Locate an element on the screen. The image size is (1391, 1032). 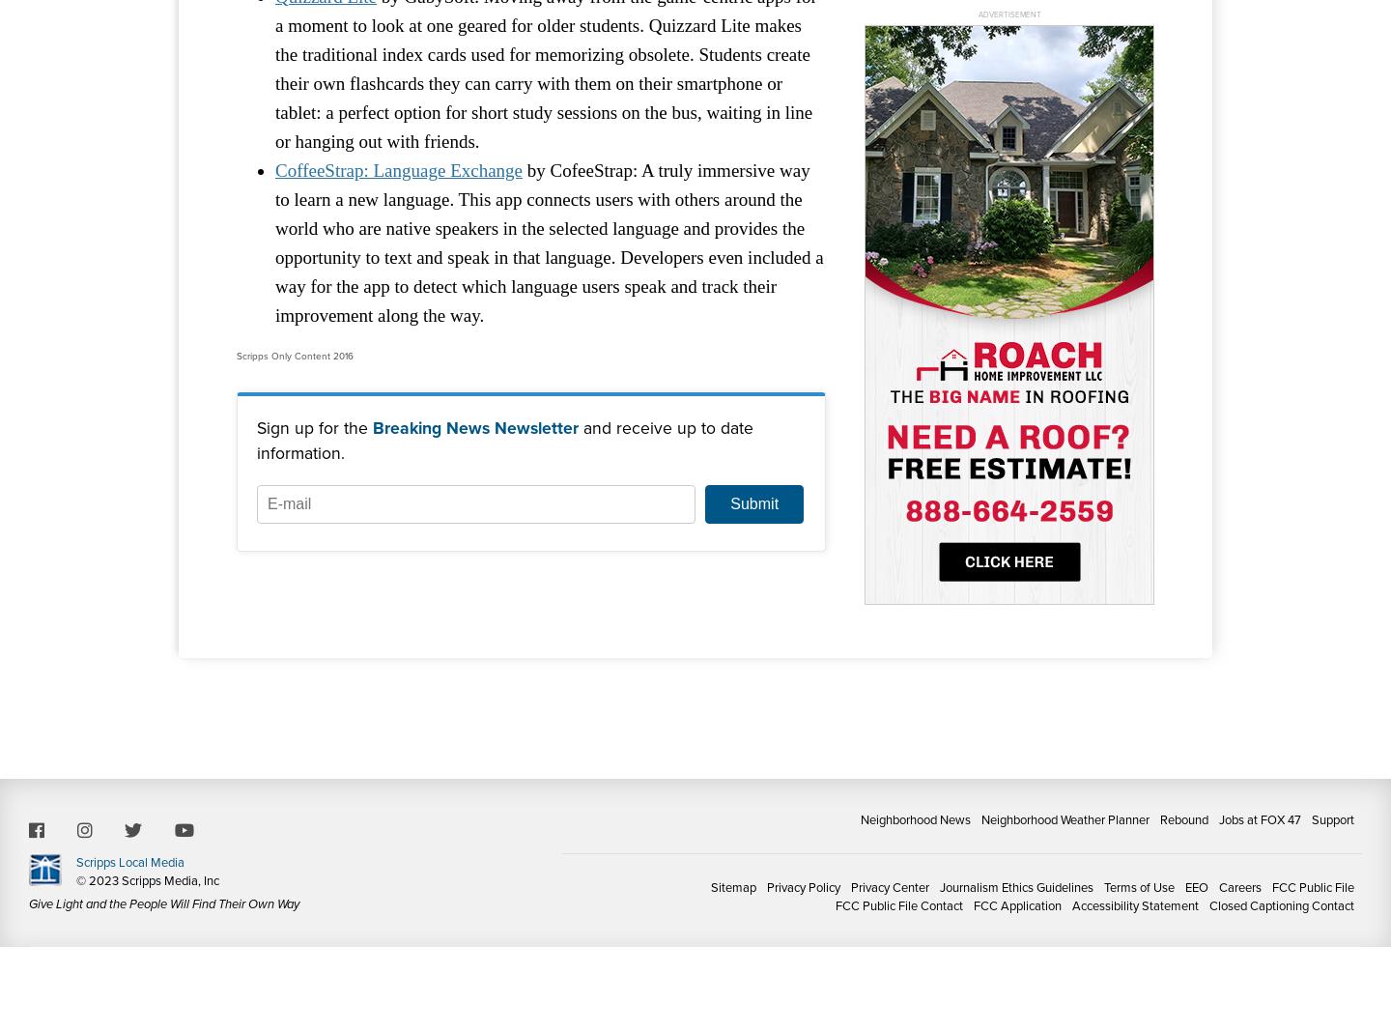
'EEO' is located at coordinates (1195, 885).